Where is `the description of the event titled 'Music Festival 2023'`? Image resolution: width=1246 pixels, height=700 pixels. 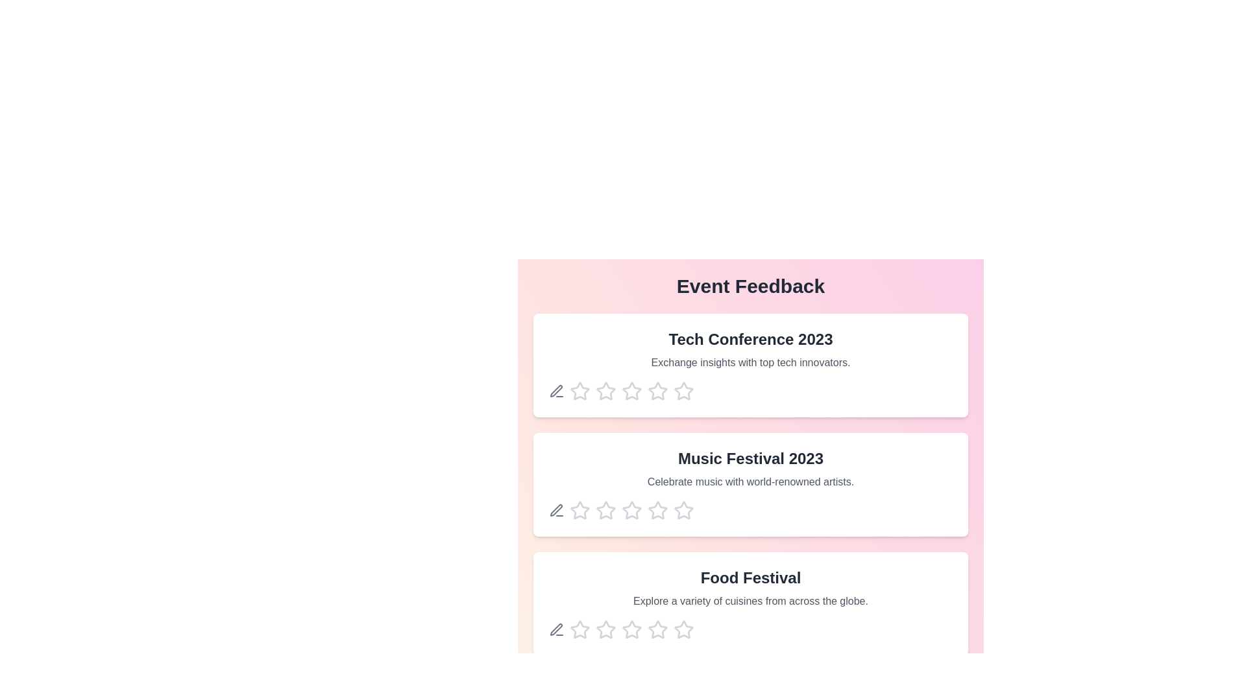 the description of the event titled 'Music Festival 2023' is located at coordinates (750, 485).